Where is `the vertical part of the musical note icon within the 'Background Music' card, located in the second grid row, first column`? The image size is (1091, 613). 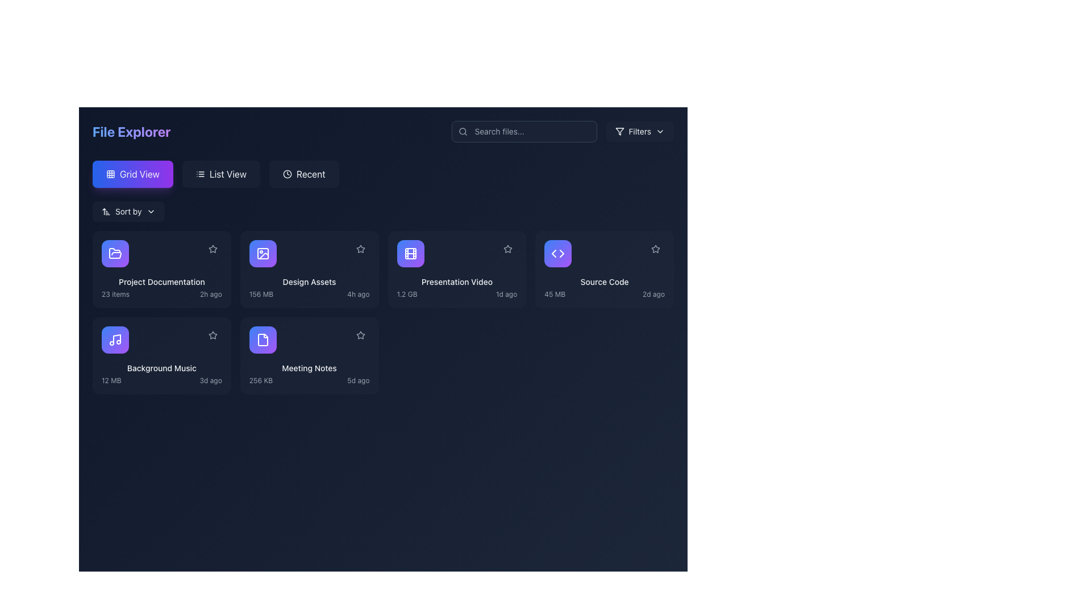
the vertical part of the musical note icon within the 'Background Music' card, located in the second grid row, first column is located at coordinates (117, 338).